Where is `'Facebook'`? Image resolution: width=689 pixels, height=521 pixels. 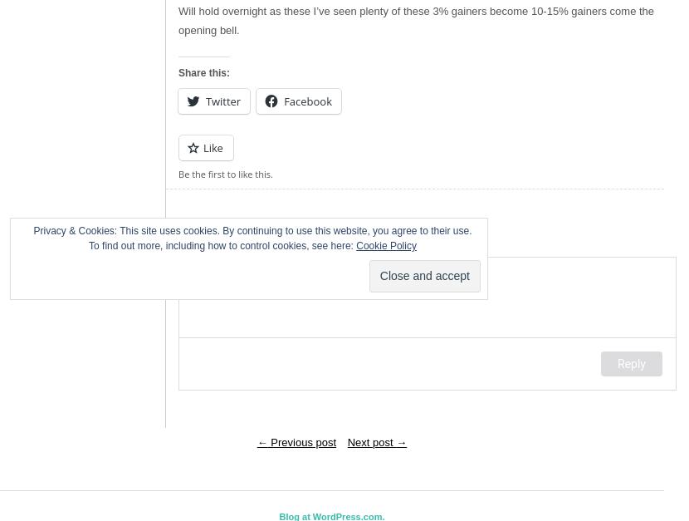
'Facebook' is located at coordinates (308, 101).